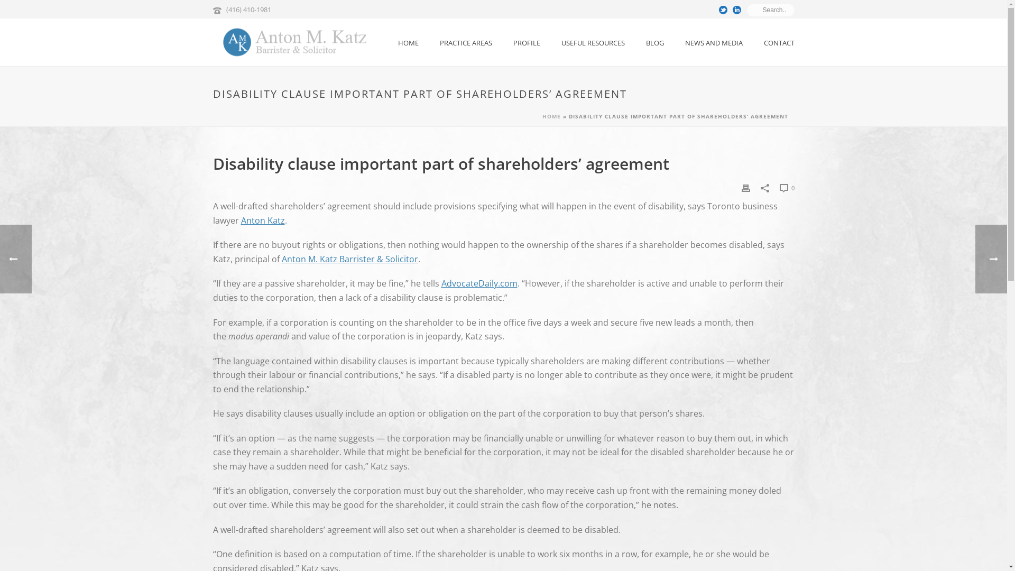 This screenshot has width=1015, height=571. Describe the element at coordinates (551, 116) in the screenshot. I see `'HOME'` at that location.